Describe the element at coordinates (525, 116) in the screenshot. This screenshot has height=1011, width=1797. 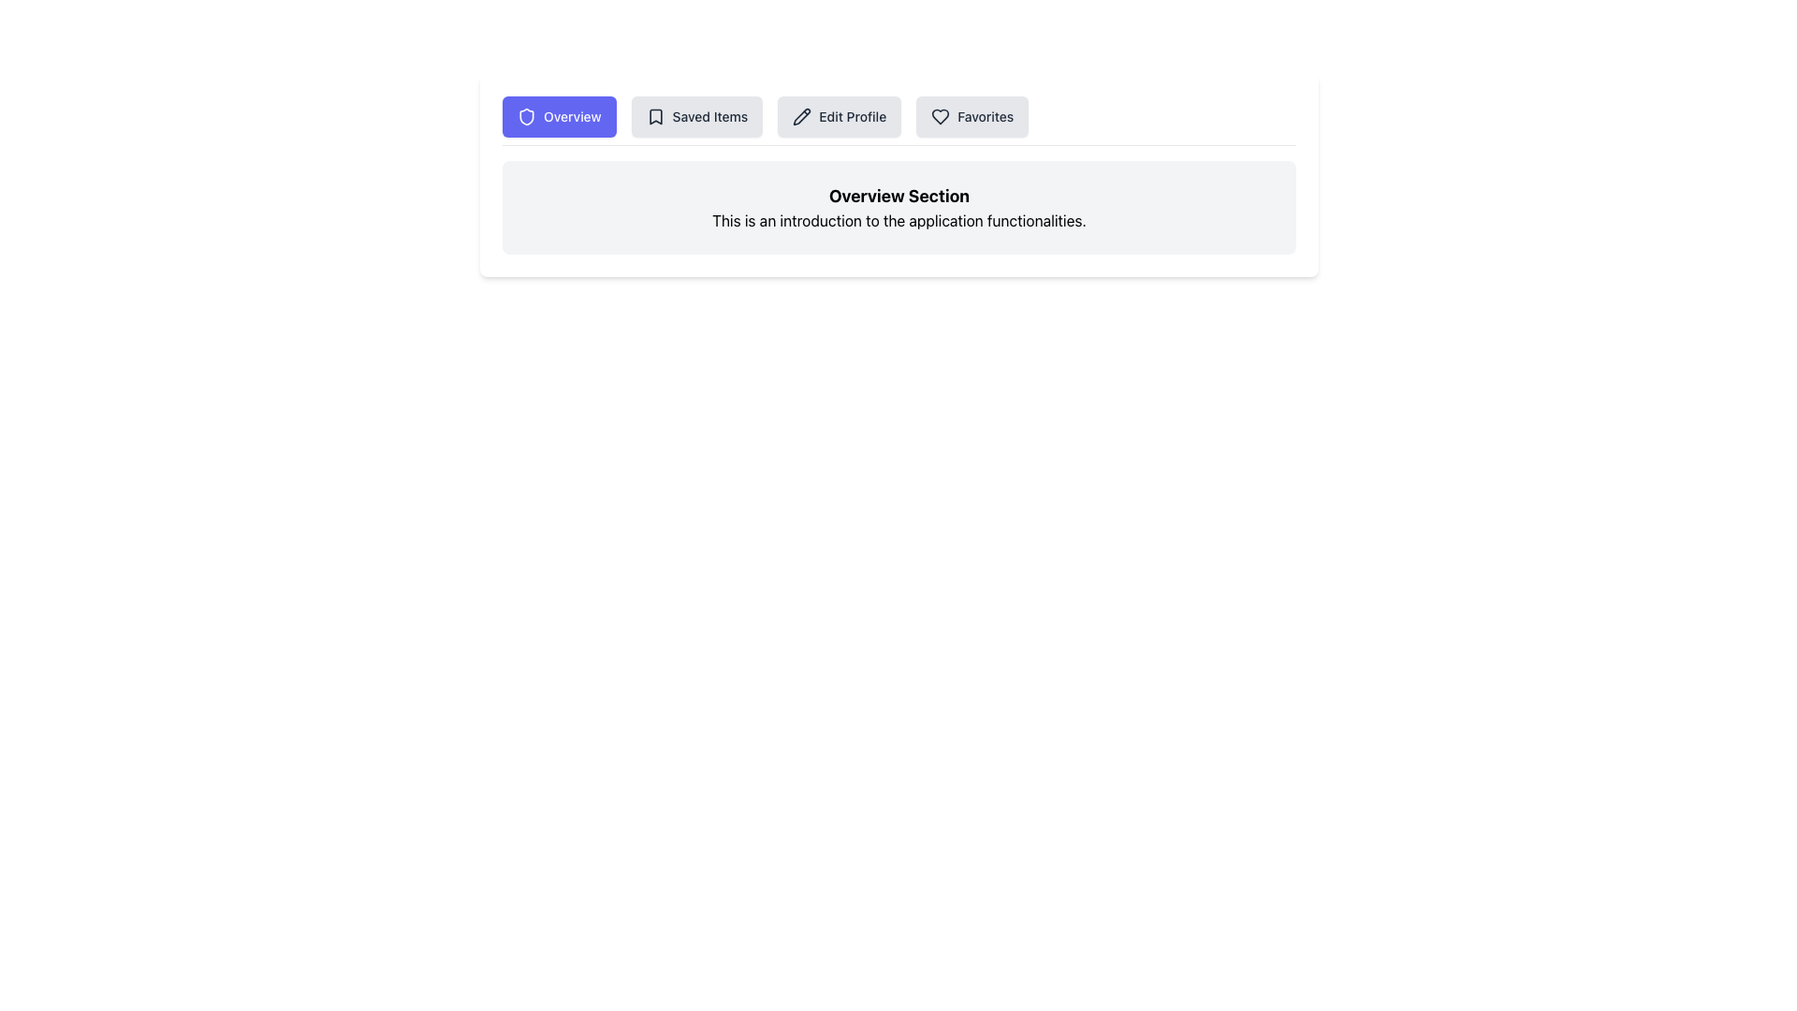
I see `the 'Overview' button, which contains a shield icon styled with a fine outline and rounded edges, located on its left side` at that location.